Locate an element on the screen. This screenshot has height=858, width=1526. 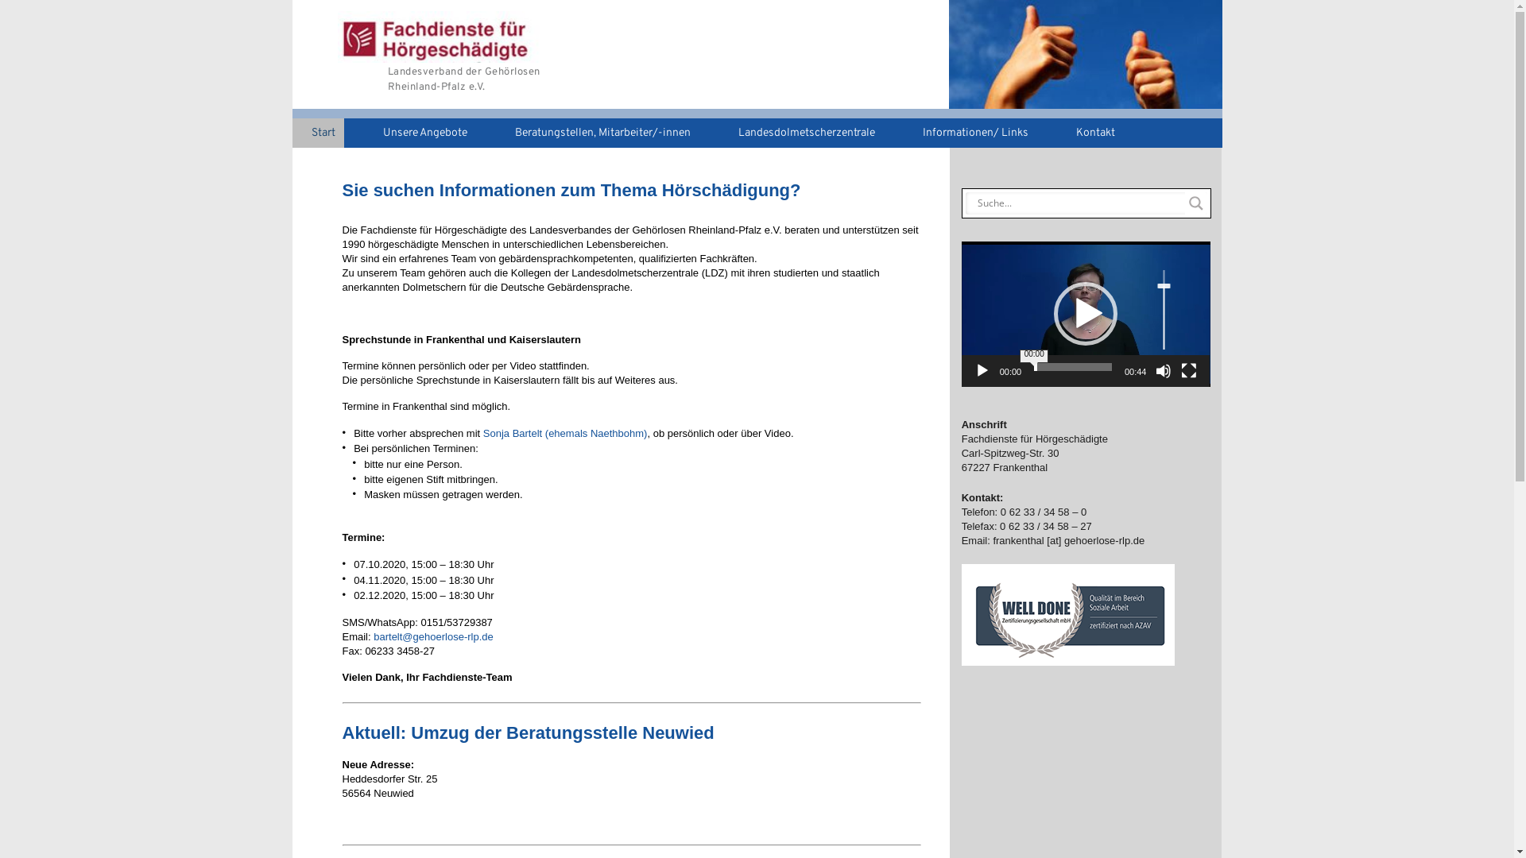
'bartelt@gehoerlose-rlp.de' is located at coordinates (433, 636).